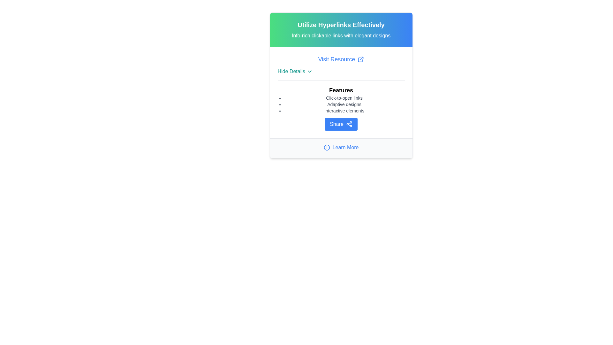 This screenshot has height=345, width=613. Describe the element at coordinates (341, 124) in the screenshot. I see `the 'Share' button, which has a blue background, white rounded corners, and an icon of three interconnected nodes` at that location.